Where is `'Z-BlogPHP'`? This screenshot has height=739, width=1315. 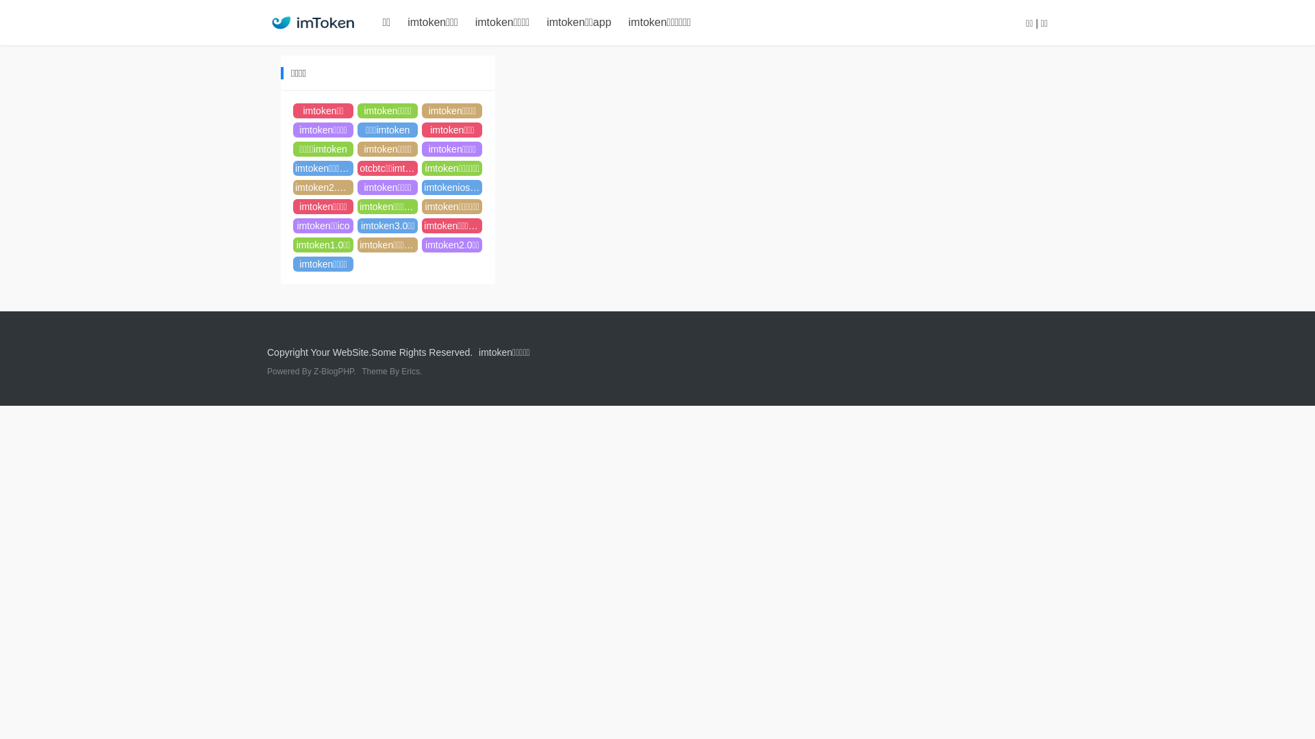
'Z-BlogPHP' is located at coordinates (333, 372).